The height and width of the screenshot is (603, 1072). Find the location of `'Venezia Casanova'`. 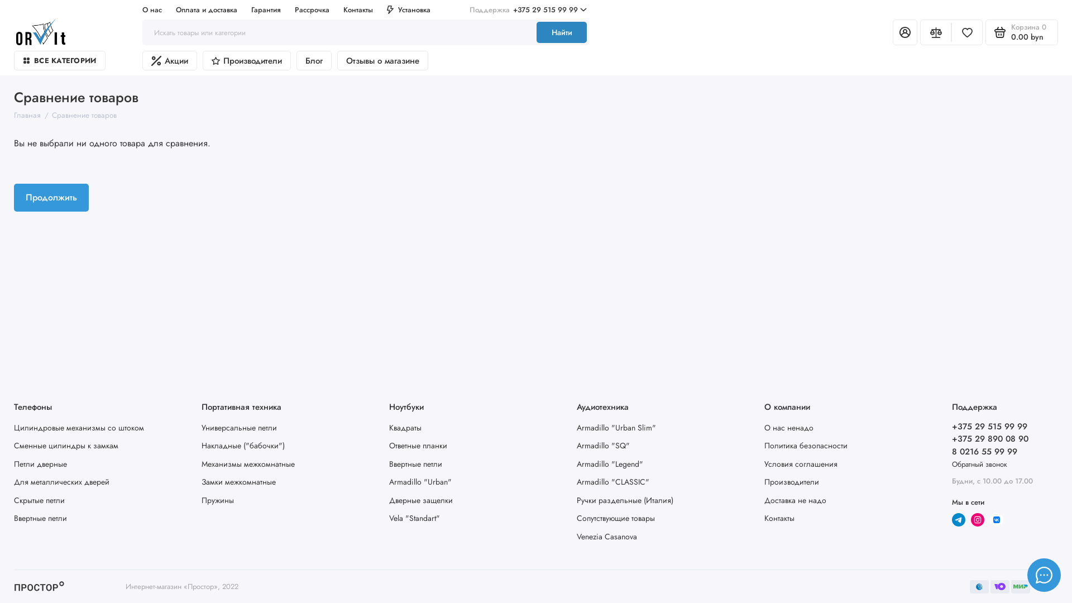

'Venezia Casanova' is located at coordinates (606, 535).